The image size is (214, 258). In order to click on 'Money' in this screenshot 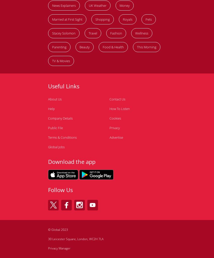, I will do `click(125, 5)`.